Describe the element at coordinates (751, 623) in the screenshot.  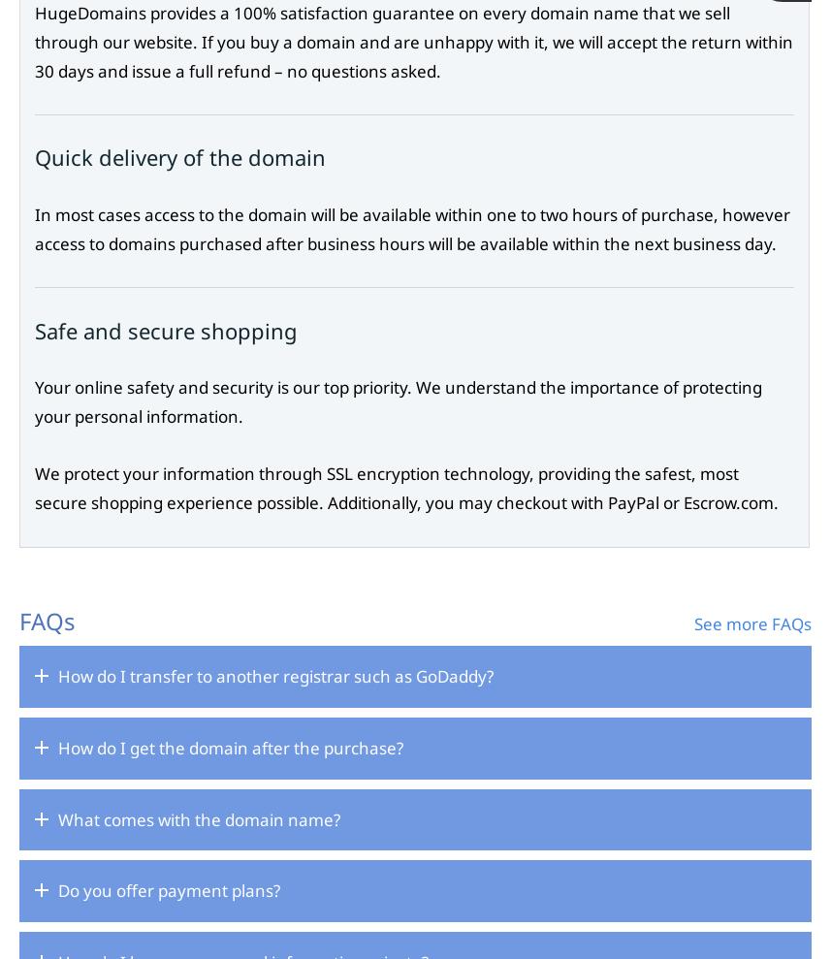
I see `'See more FAQs'` at that location.